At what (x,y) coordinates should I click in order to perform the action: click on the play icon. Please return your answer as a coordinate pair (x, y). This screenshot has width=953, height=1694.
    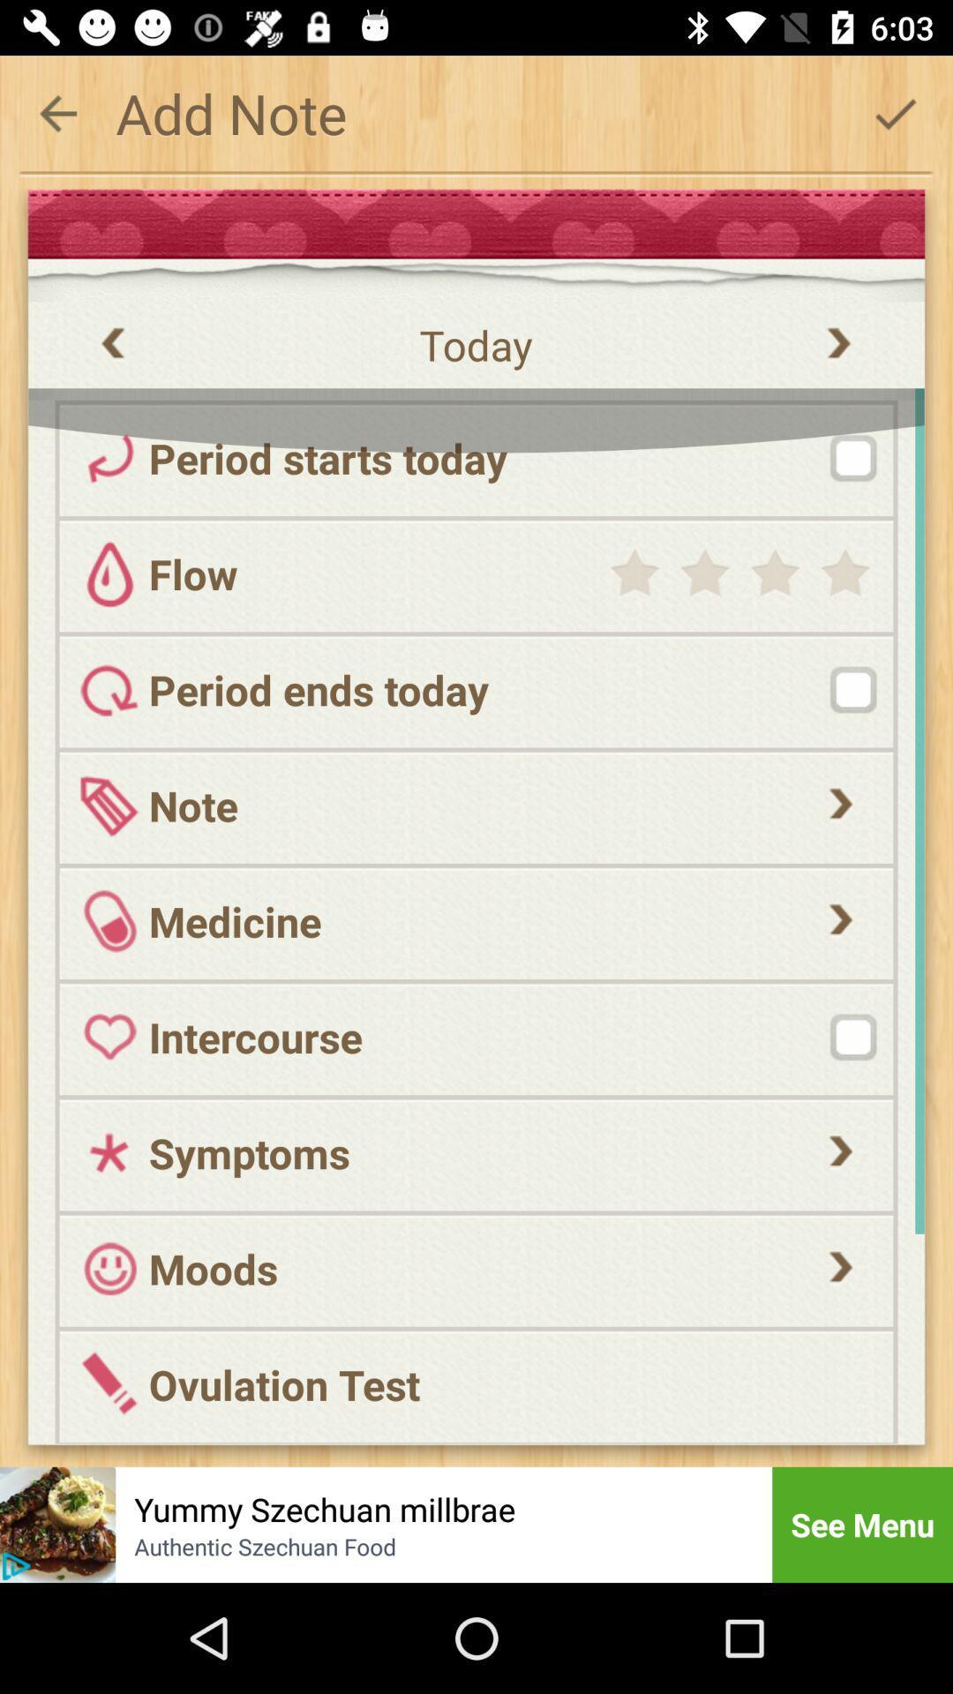
    Looking at the image, I should click on (16, 1566).